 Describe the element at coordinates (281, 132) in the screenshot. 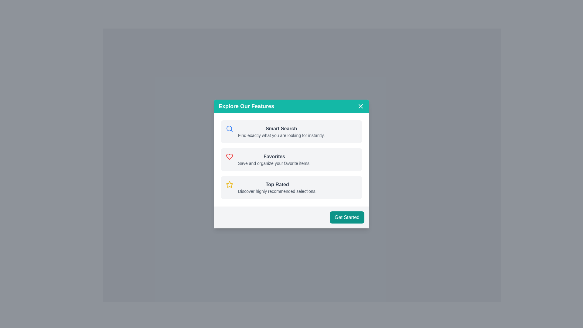

I see `the Text block introducing the 'Smart Search' feature, which is positioned below the magnifying glass icon and is the first item in a vertically arranged list` at that location.